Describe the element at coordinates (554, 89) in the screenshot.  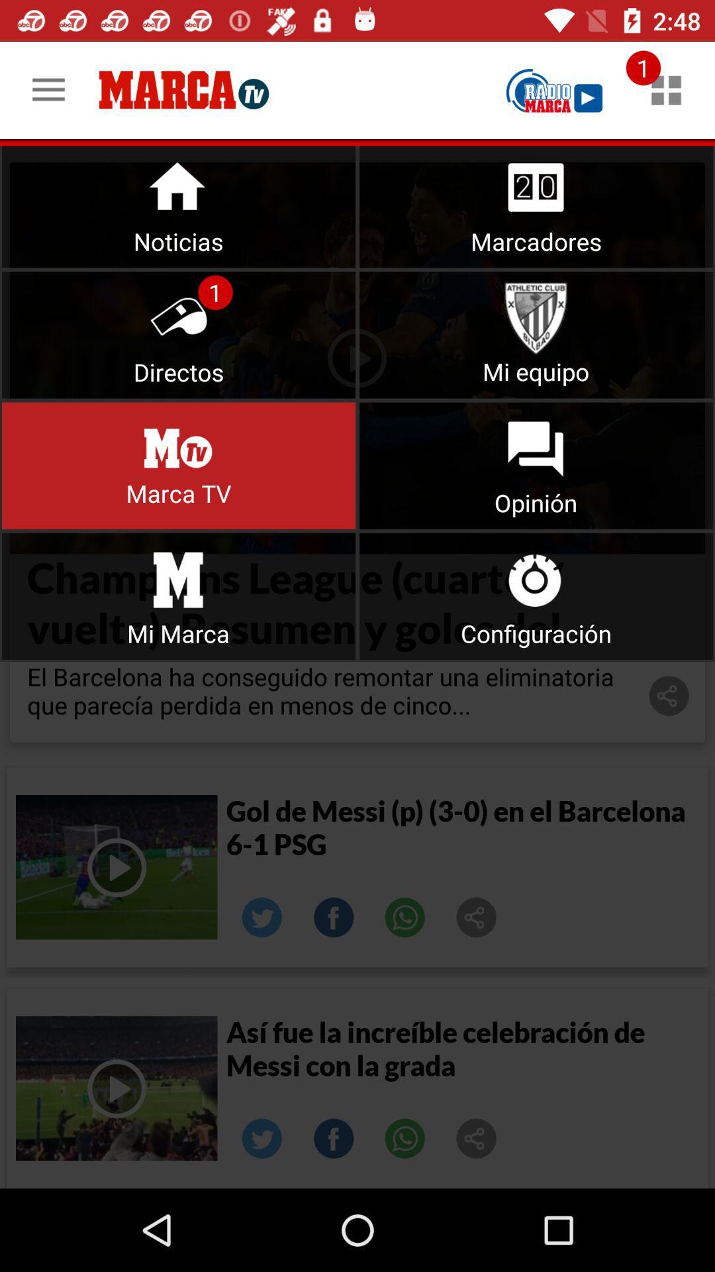
I see `marca tv` at that location.